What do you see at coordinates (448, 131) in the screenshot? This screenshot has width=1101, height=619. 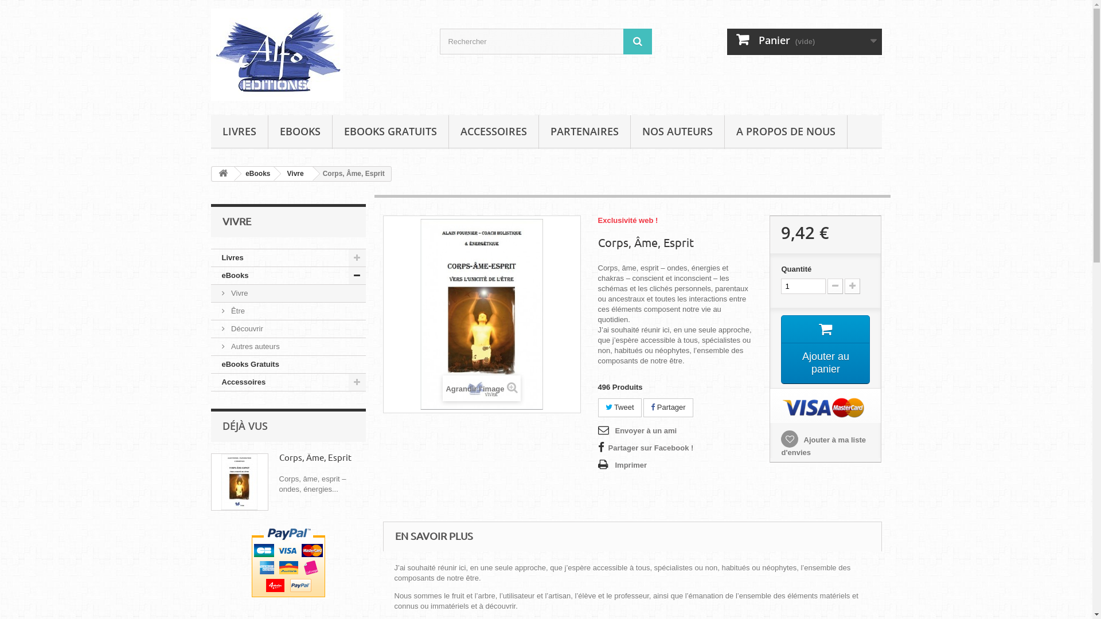 I see `'ACCESSOIRES'` at bounding box center [448, 131].